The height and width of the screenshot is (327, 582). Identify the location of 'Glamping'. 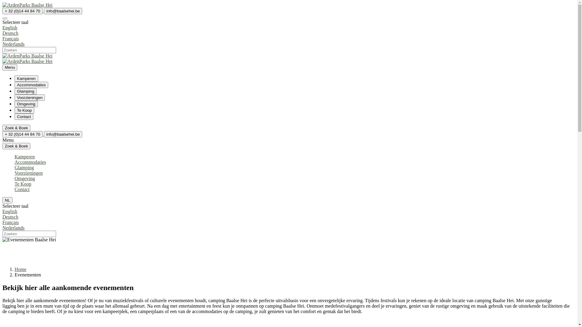
(25, 91).